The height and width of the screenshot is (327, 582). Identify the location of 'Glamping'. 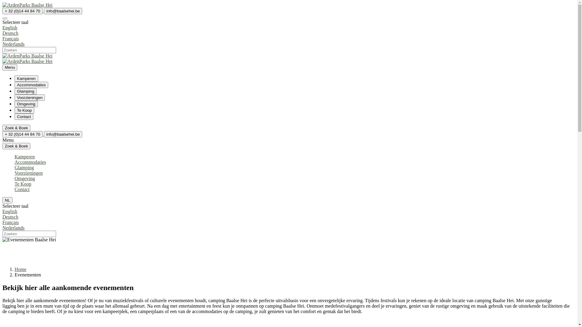
(25, 91).